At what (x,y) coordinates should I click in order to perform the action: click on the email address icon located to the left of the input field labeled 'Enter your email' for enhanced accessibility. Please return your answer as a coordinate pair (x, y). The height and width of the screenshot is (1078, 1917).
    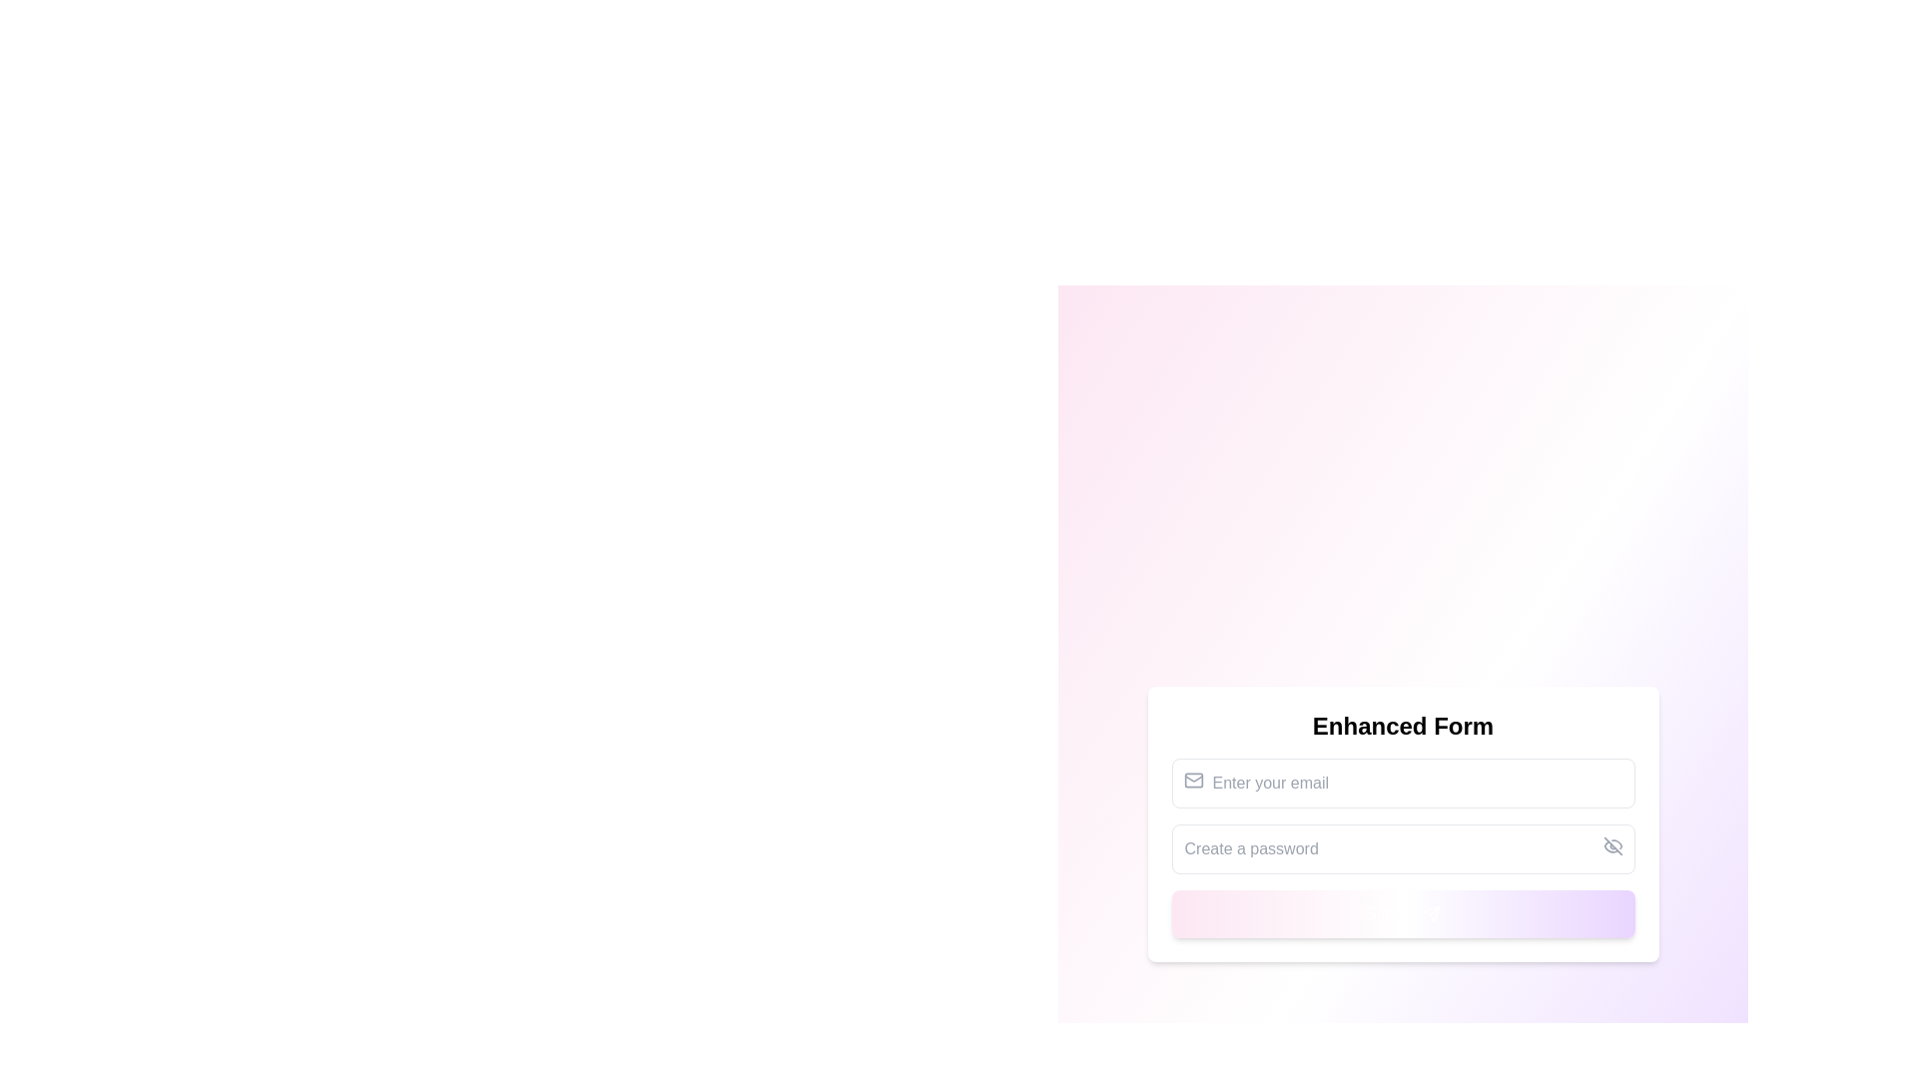
    Looking at the image, I should click on (1193, 780).